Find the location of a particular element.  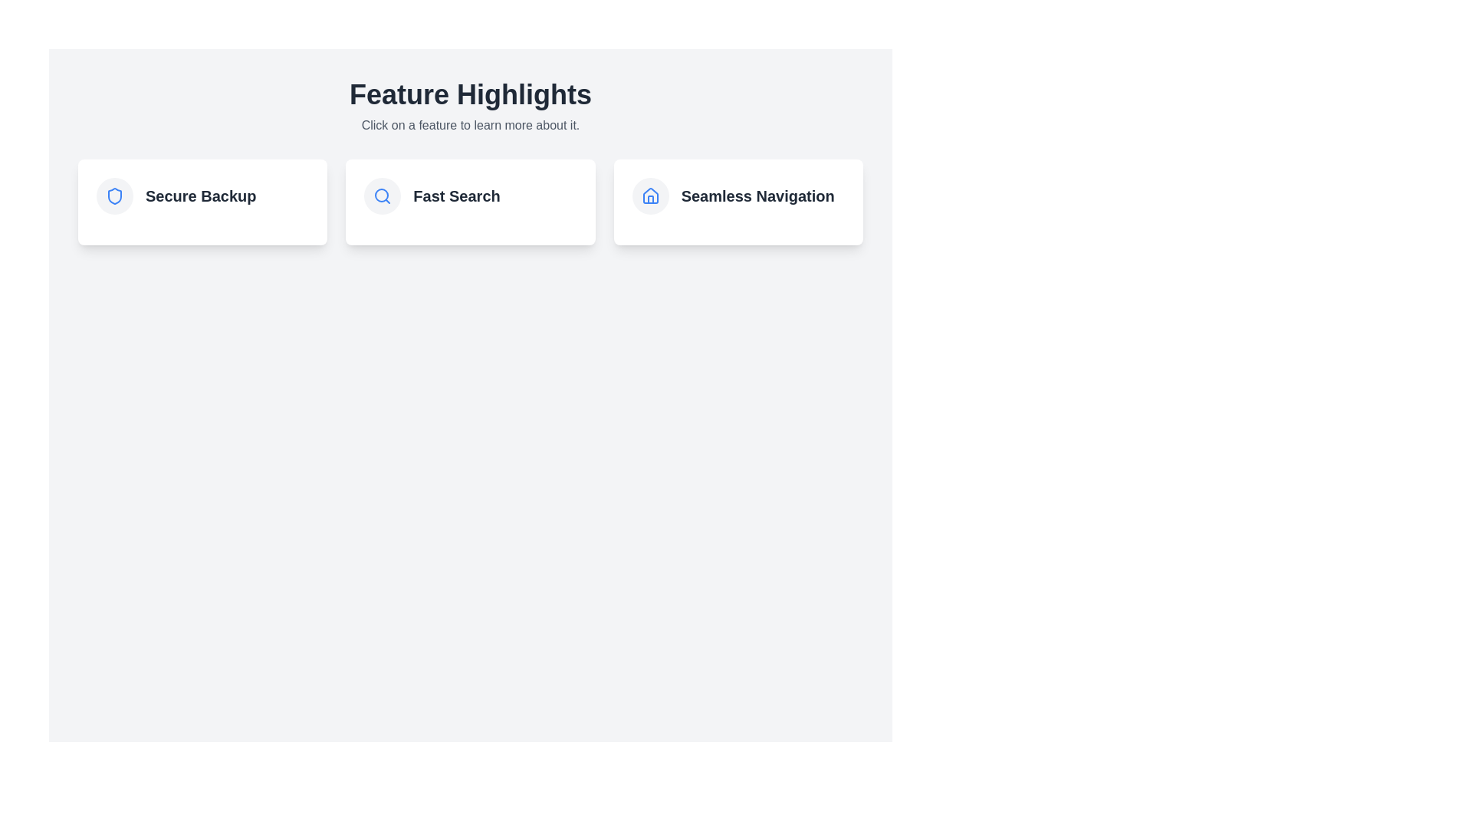

text label that serves as the title for the secure backup feature, located on the first card in the horizontal row of feature highlights, to the right of the shield icon is located at coordinates (200, 195).